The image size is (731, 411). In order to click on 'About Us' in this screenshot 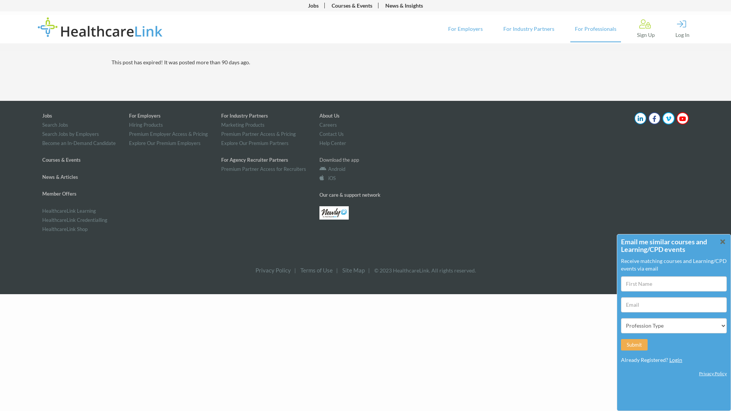, I will do `click(329, 116)`.